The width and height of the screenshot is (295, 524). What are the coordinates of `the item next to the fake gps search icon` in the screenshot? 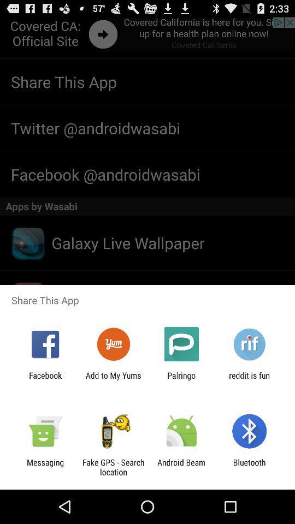 It's located at (181, 467).